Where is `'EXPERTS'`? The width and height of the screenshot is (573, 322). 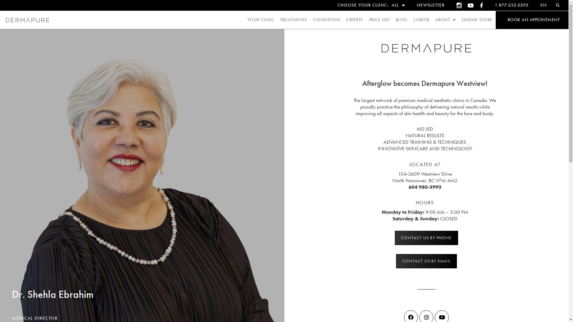 'EXPERTS' is located at coordinates (355, 19).